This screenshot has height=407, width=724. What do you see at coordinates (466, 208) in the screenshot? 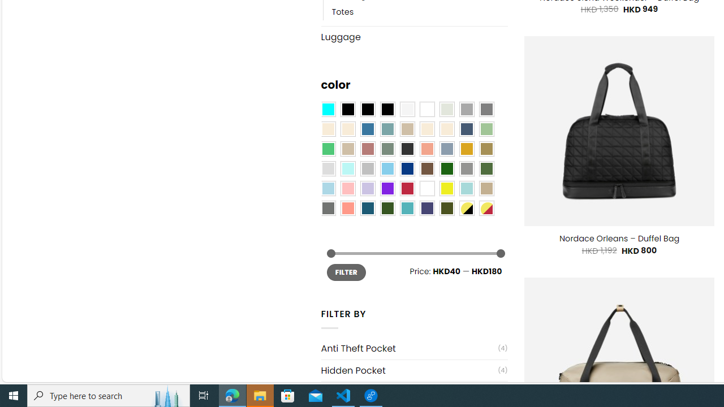
I see `'Yellow-Black'` at bounding box center [466, 208].